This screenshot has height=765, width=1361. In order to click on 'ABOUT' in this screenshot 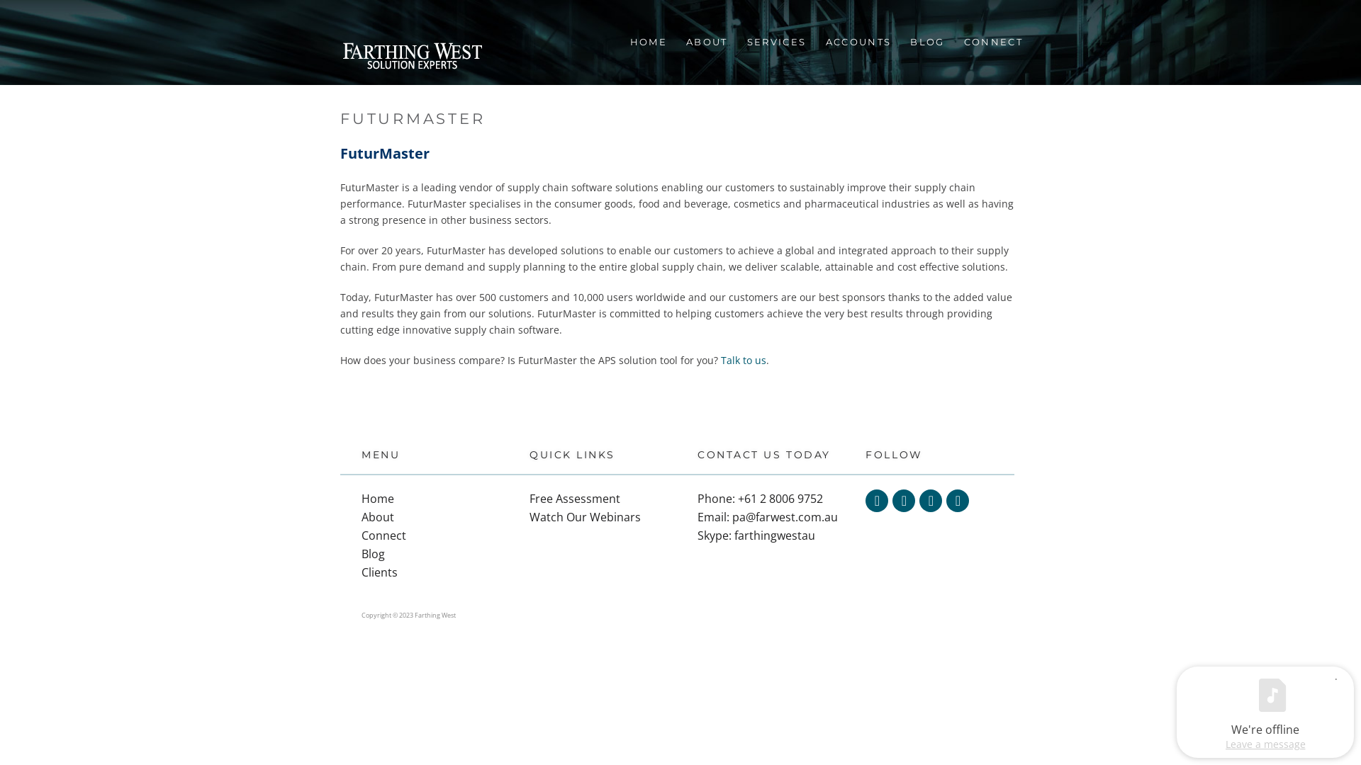, I will do `click(706, 41)`.